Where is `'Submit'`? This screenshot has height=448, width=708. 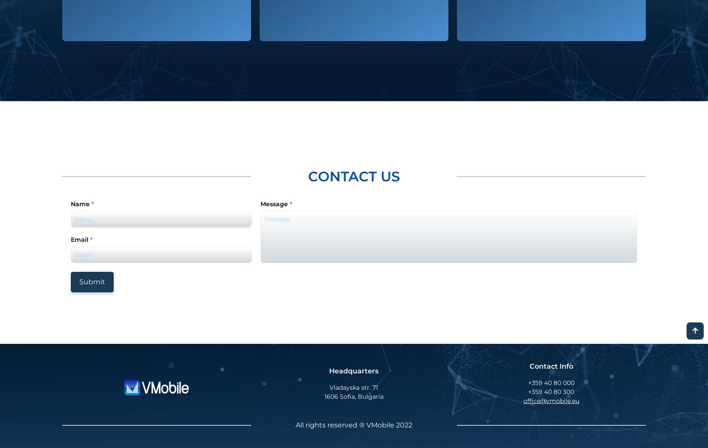 'Submit' is located at coordinates (92, 282).